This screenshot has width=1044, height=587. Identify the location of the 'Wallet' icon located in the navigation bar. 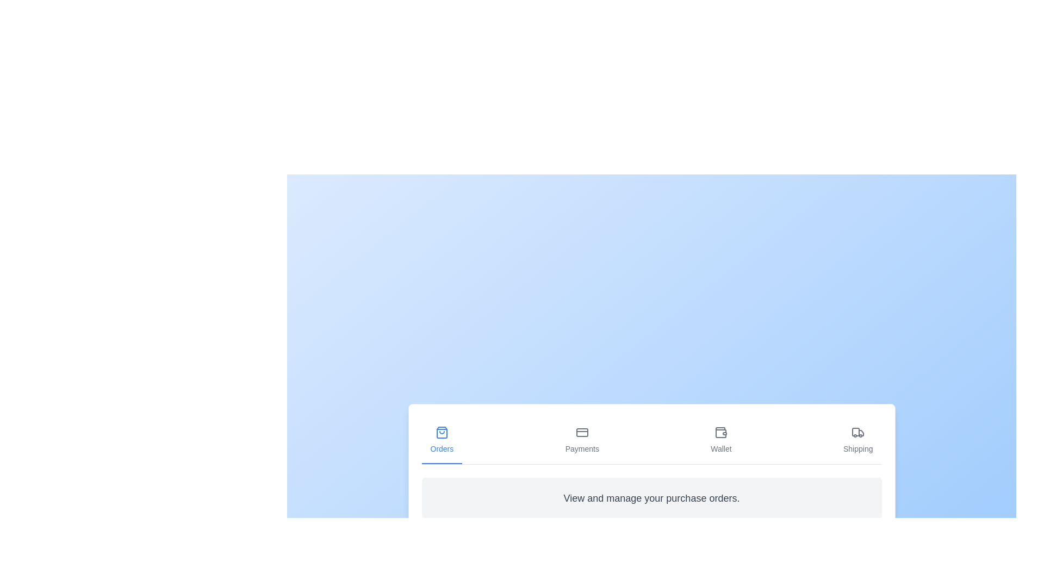
(721, 432).